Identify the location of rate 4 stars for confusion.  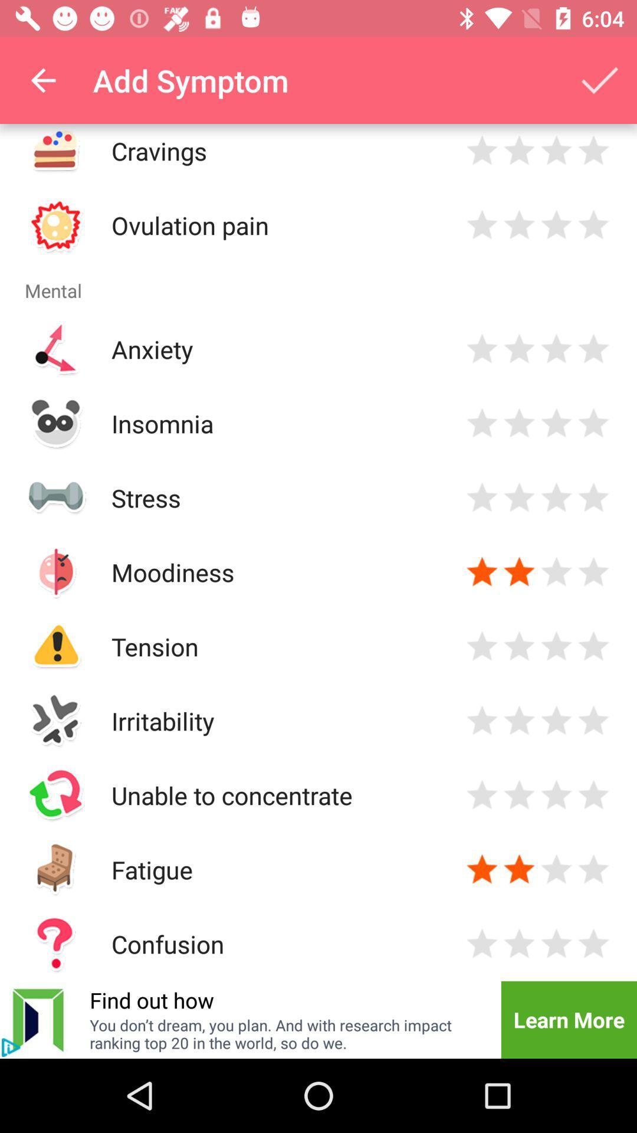
(593, 943).